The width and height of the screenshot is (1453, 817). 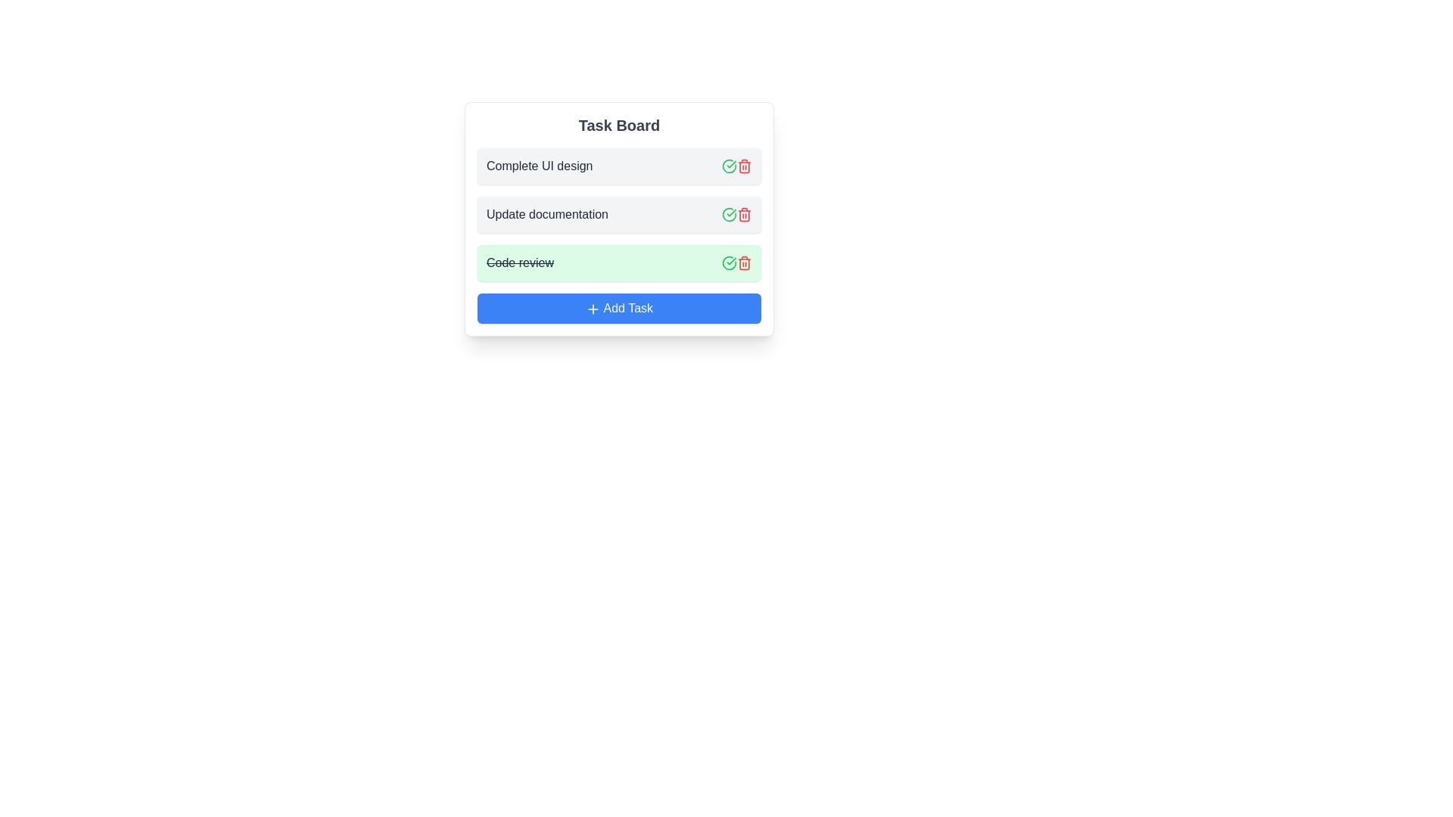 I want to click on the 'Plus' or 'Add' icon located within the 'Add Task' button at the bottom of the content area, so click(x=592, y=308).